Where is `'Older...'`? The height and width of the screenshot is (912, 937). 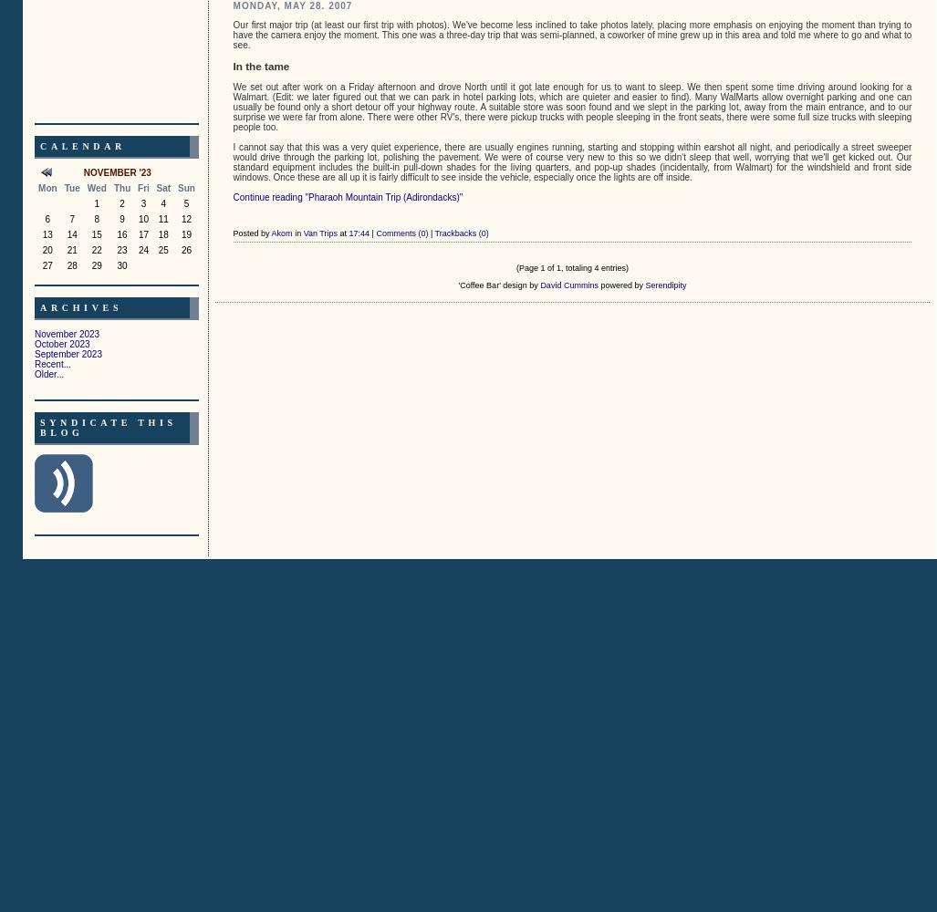 'Older...' is located at coordinates (49, 373).